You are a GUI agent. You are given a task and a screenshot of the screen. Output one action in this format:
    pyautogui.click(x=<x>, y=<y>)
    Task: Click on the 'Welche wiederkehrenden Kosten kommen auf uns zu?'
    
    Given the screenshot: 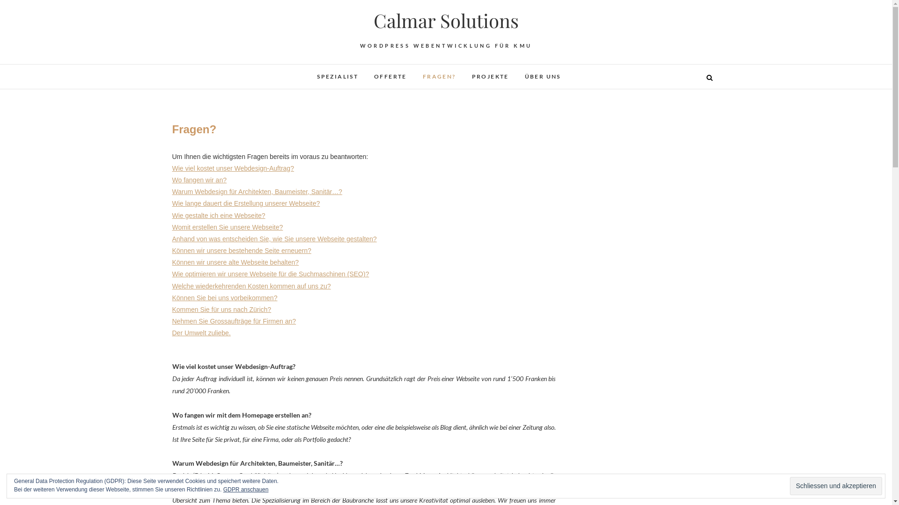 What is the action you would take?
    pyautogui.click(x=251, y=286)
    